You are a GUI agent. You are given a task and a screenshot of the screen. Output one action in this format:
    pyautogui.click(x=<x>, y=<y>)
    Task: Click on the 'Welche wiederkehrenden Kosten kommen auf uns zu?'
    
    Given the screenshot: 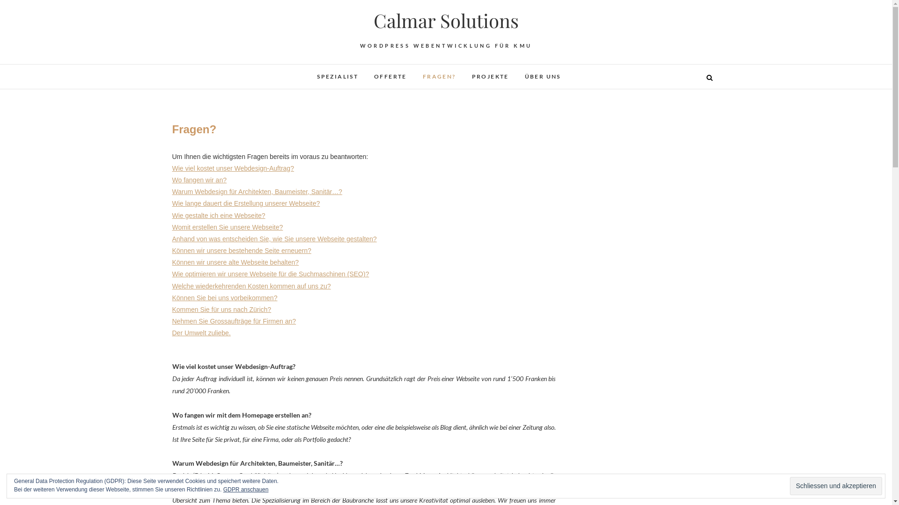 What is the action you would take?
    pyautogui.click(x=251, y=286)
    